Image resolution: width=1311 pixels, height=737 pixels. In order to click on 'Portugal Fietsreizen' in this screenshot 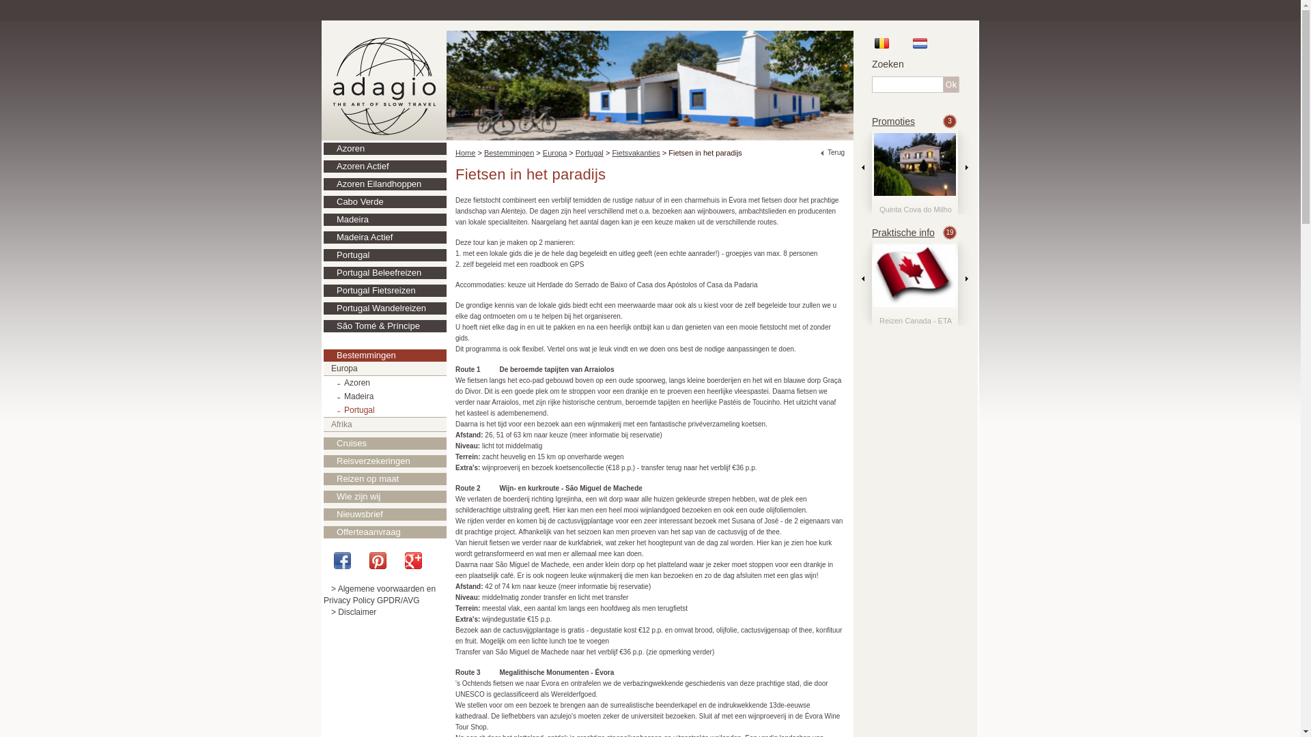, I will do `click(384, 289)`.